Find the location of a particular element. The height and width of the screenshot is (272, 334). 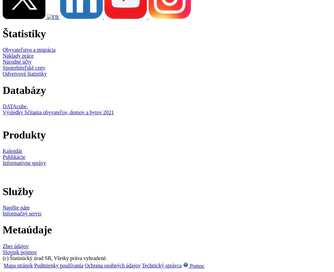

'Napíšte nám' is located at coordinates (16, 207).